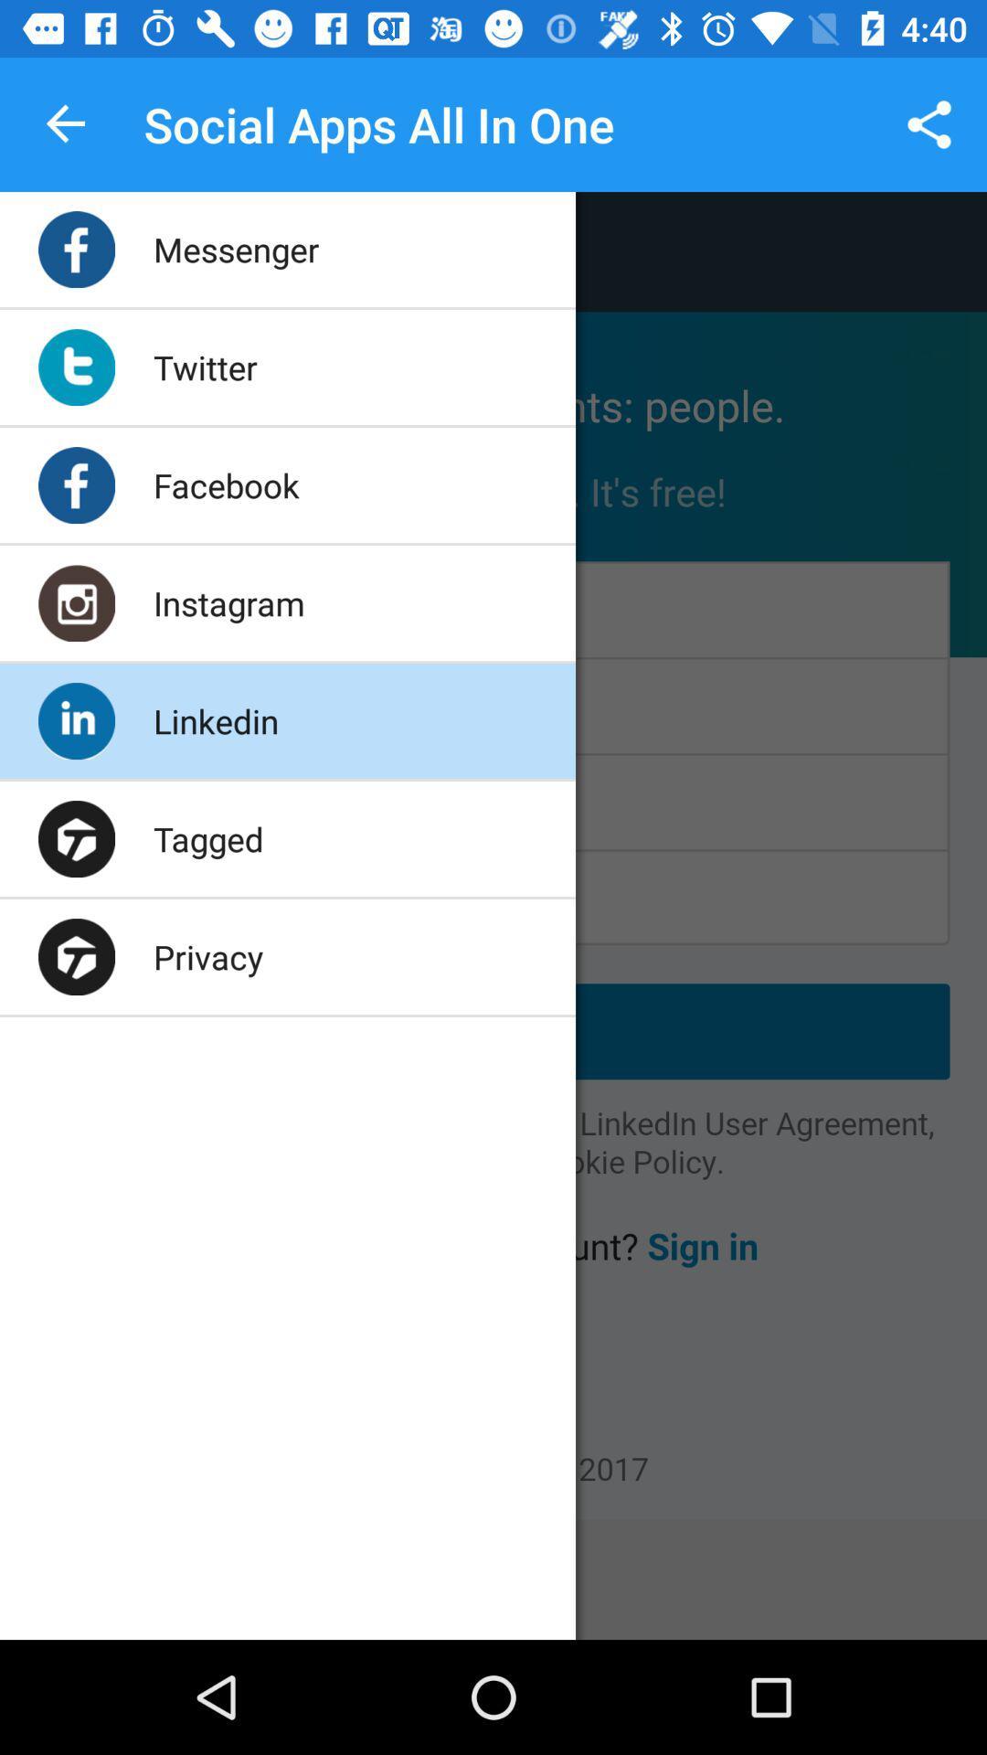 This screenshot has height=1755, width=987. What do you see at coordinates (215, 719) in the screenshot?
I see `item below instagram` at bounding box center [215, 719].